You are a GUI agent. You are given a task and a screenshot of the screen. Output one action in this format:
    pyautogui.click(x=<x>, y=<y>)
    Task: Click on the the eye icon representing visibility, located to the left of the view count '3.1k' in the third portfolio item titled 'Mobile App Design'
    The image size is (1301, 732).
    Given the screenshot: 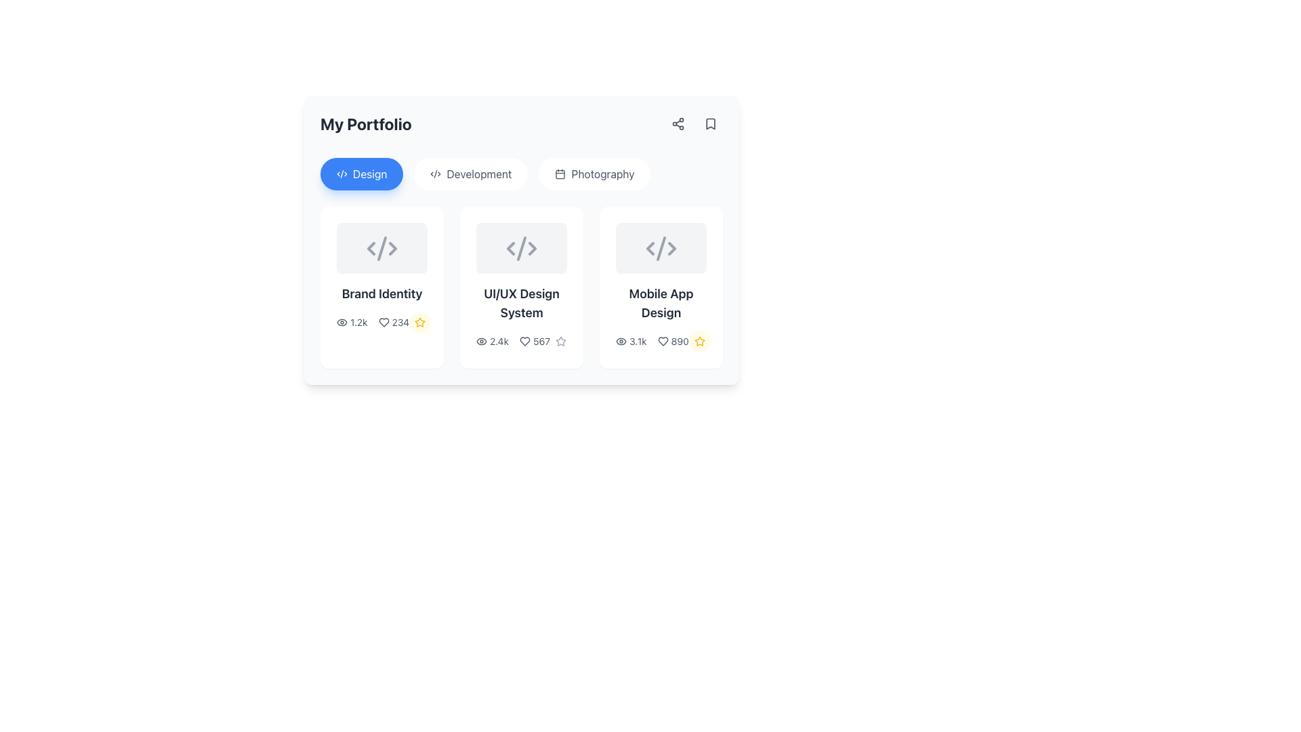 What is the action you would take?
    pyautogui.click(x=620, y=341)
    